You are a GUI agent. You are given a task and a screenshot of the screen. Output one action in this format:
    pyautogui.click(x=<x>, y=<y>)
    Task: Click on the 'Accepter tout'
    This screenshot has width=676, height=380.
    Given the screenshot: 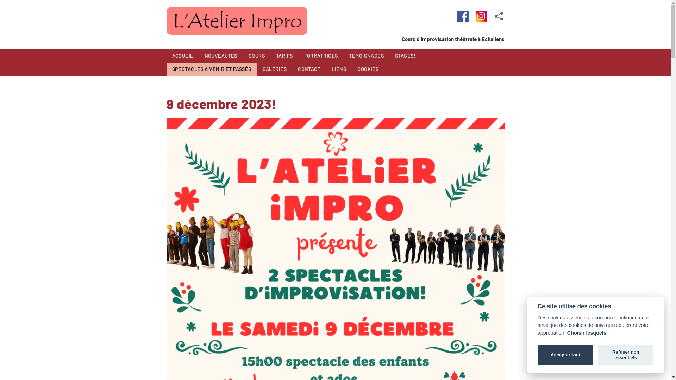 What is the action you would take?
    pyautogui.click(x=537, y=355)
    